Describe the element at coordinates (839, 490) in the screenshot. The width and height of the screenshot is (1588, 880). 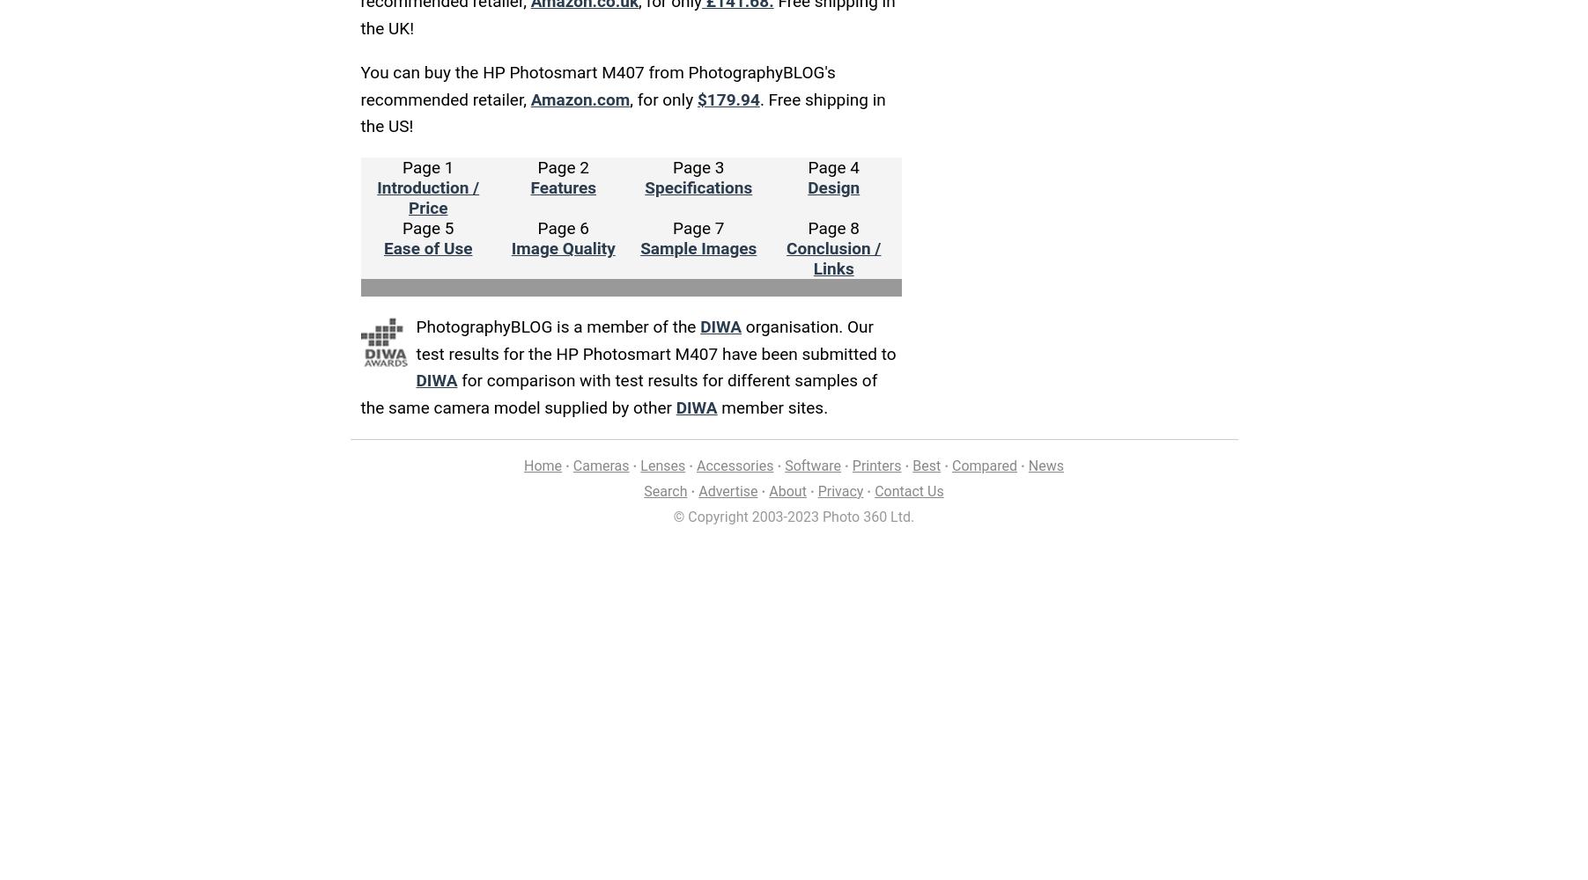
I see `'Privacy'` at that location.